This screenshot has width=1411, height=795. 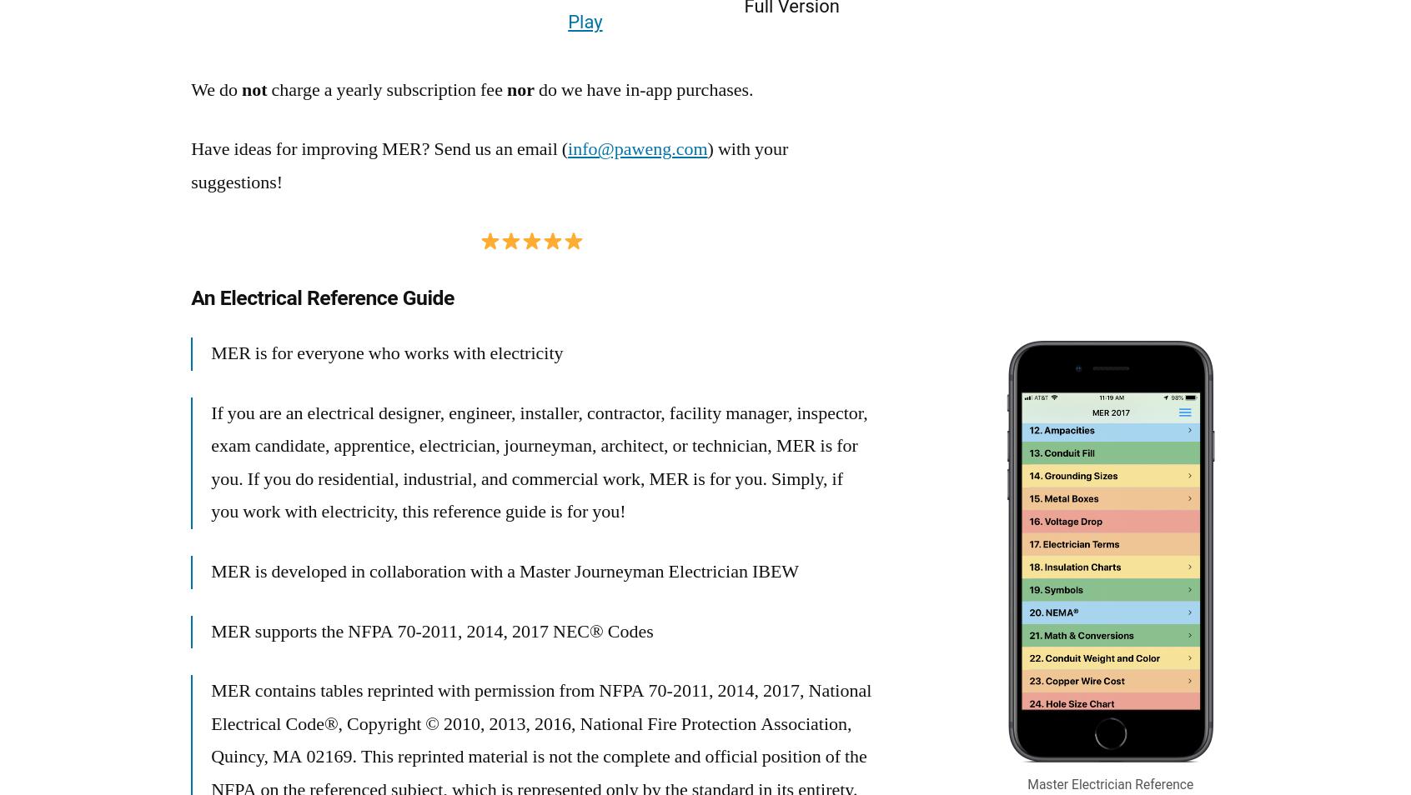 What do you see at coordinates (378, 147) in the screenshot?
I see `'Have ideas for improving MER? Send us an email ('` at bounding box center [378, 147].